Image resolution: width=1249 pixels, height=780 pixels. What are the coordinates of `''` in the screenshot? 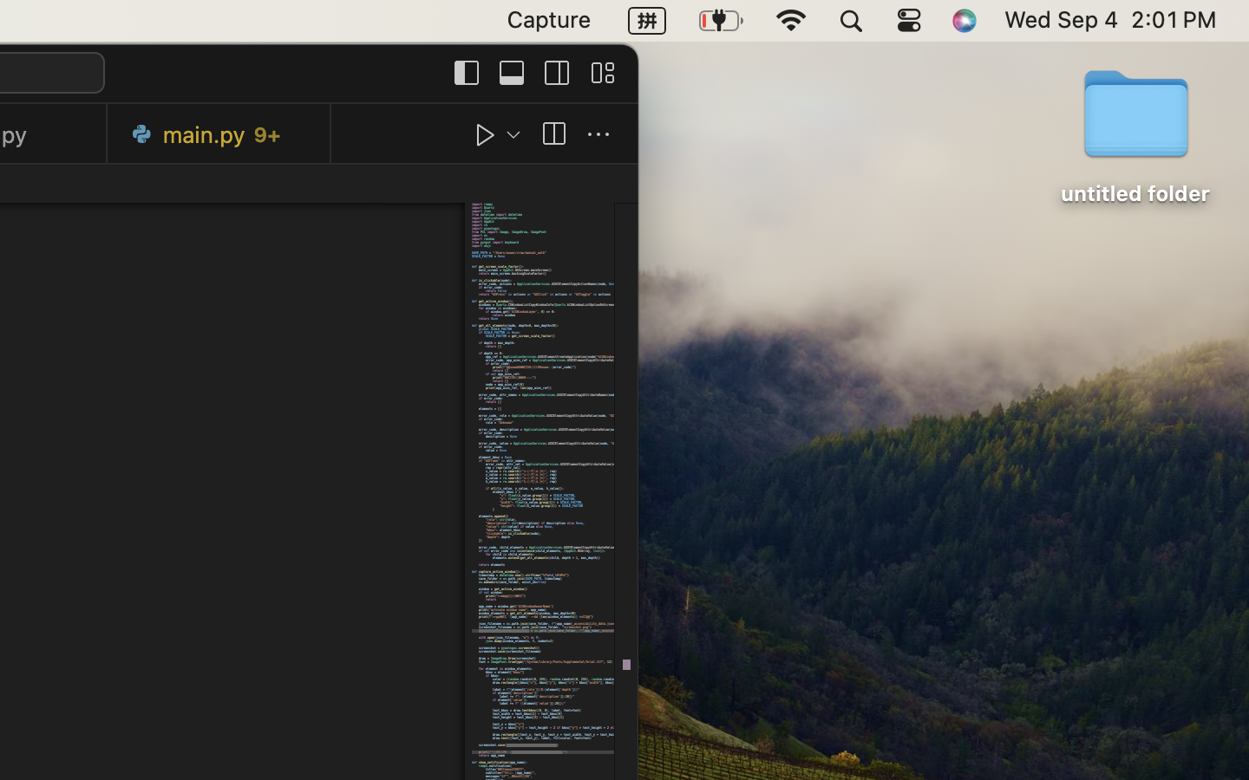 It's located at (553, 134).